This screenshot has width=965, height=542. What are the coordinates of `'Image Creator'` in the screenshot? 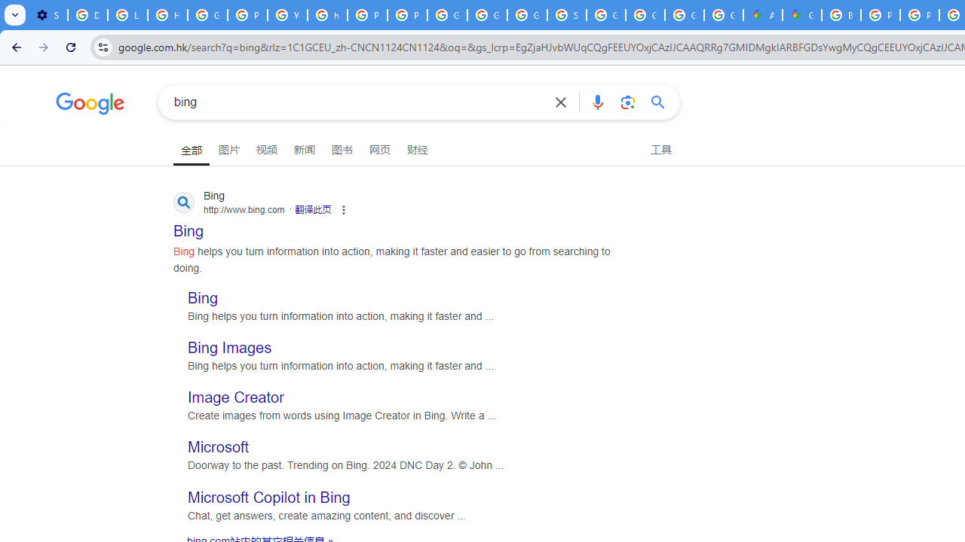 It's located at (235, 397).